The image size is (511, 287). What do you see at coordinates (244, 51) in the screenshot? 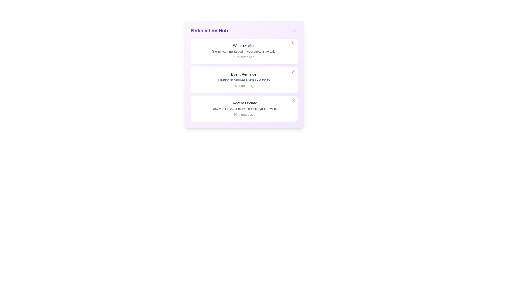
I see `text label stating 'Storm warning issued in your area. Stay safe.' located within the notification card titled 'Weather Alert'` at bounding box center [244, 51].